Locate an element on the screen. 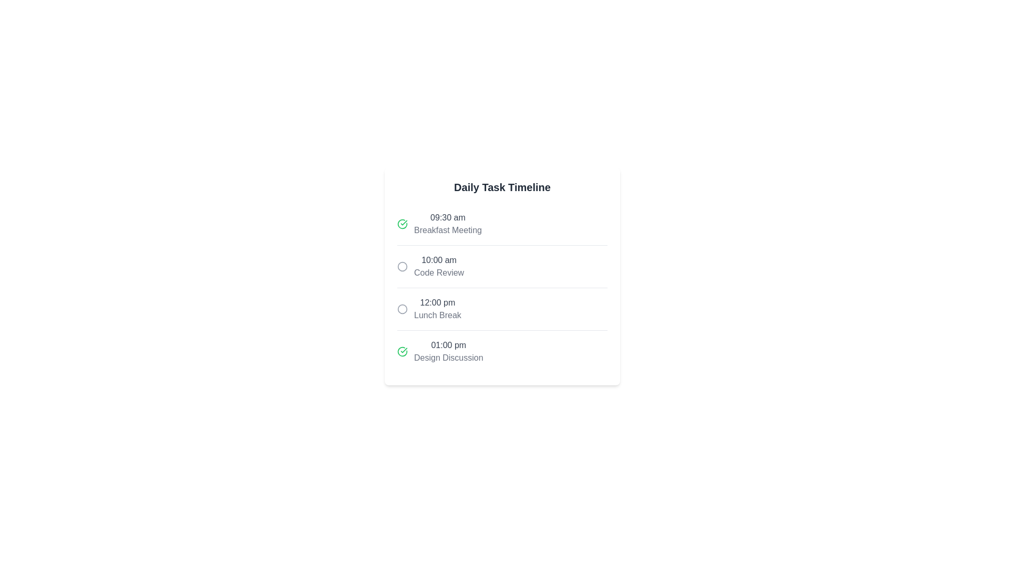  keyboard navigation is located at coordinates (402, 266).